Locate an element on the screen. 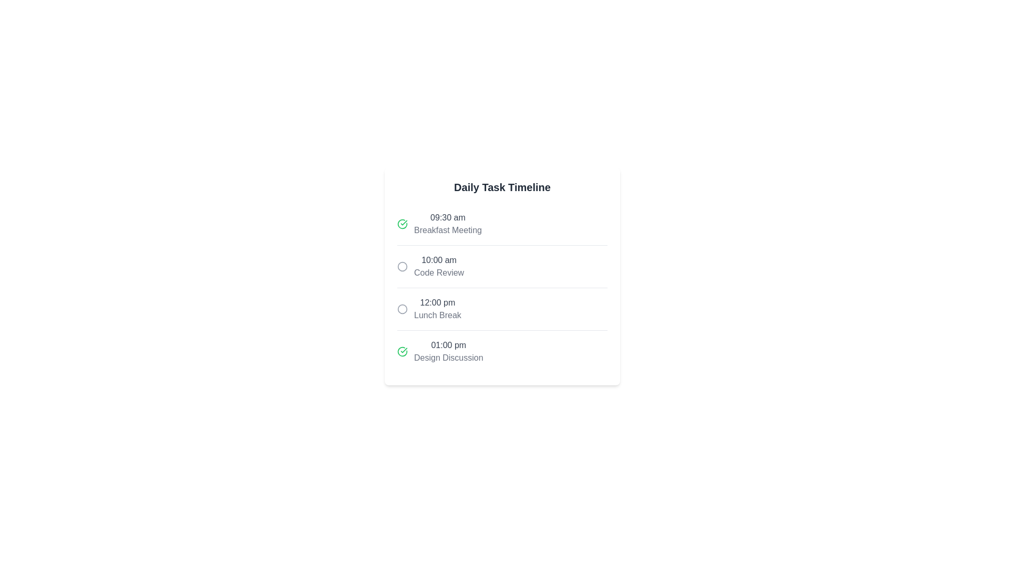  keyboard navigation is located at coordinates (402, 266).